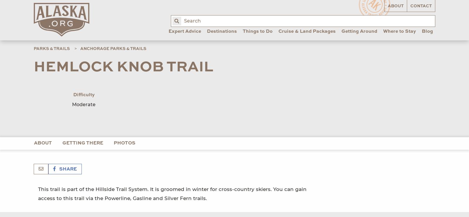 This screenshot has width=469, height=217. What do you see at coordinates (67, 169) in the screenshot?
I see `'Share'` at bounding box center [67, 169].